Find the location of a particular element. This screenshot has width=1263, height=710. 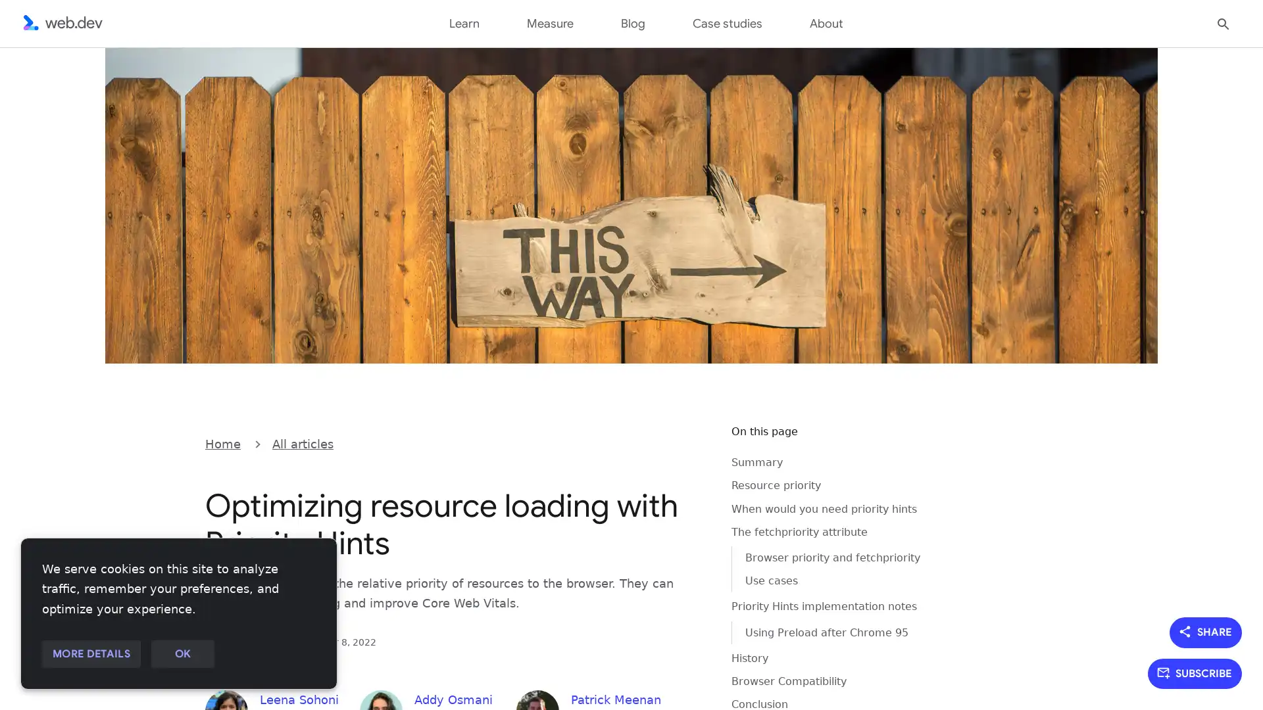

Copy code is located at coordinates (688, 442).